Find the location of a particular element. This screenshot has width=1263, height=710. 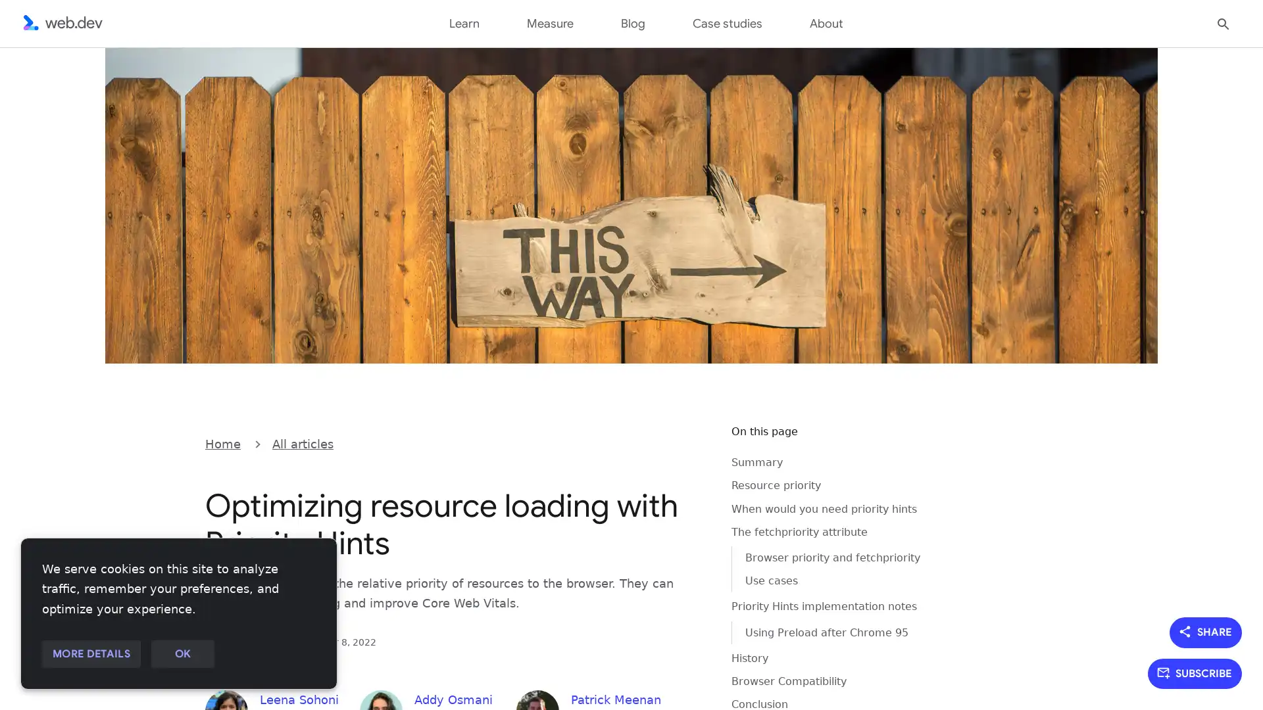

Copy code is located at coordinates (688, 442).